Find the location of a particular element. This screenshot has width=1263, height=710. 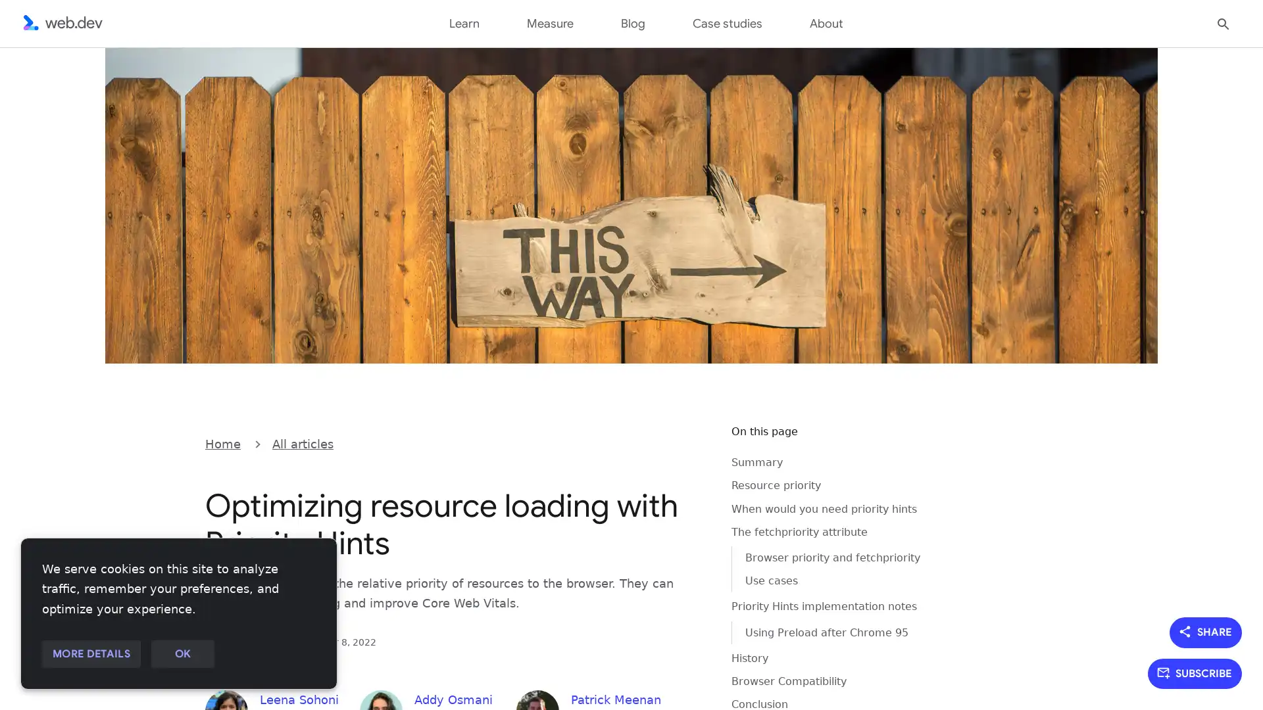

Copy code is located at coordinates (688, 442).